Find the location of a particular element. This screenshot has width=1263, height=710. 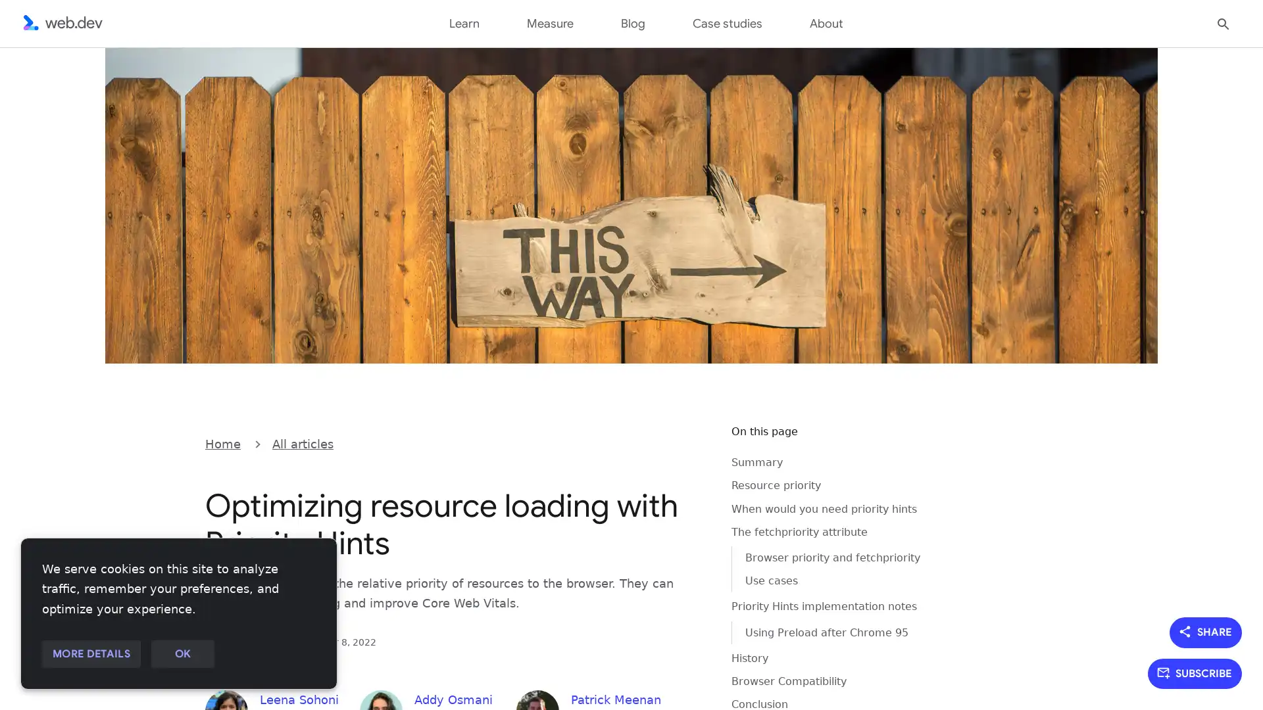

Copy code is located at coordinates (688, 442).